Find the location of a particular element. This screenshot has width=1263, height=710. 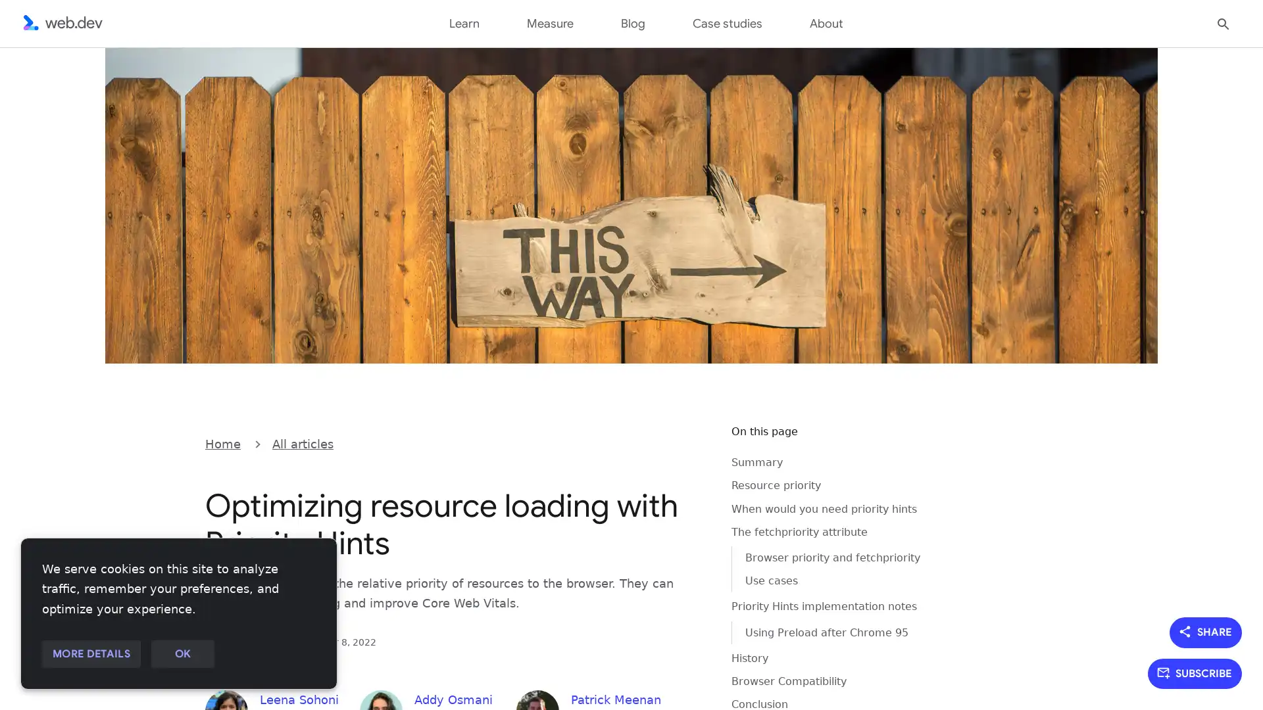

Copy code is located at coordinates (688, 442).